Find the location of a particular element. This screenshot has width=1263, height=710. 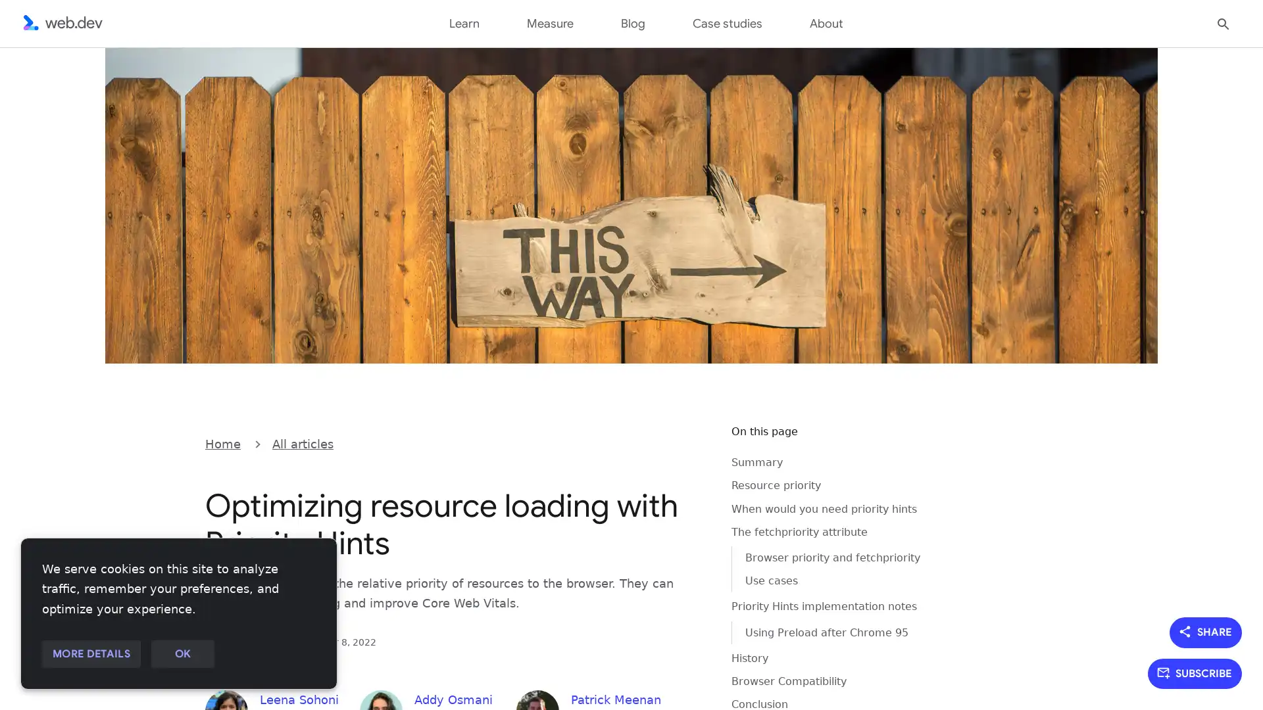

Copy code is located at coordinates (688, 442).